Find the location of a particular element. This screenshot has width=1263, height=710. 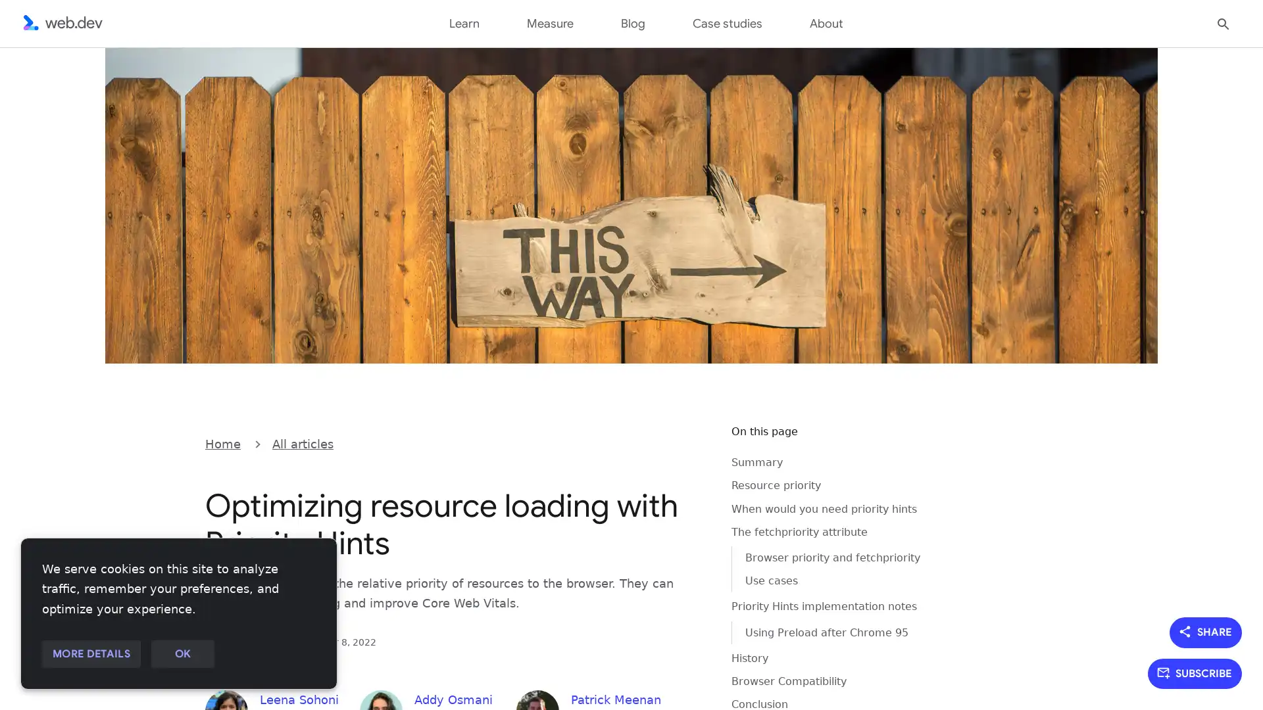

Copy code is located at coordinates (688, 442).